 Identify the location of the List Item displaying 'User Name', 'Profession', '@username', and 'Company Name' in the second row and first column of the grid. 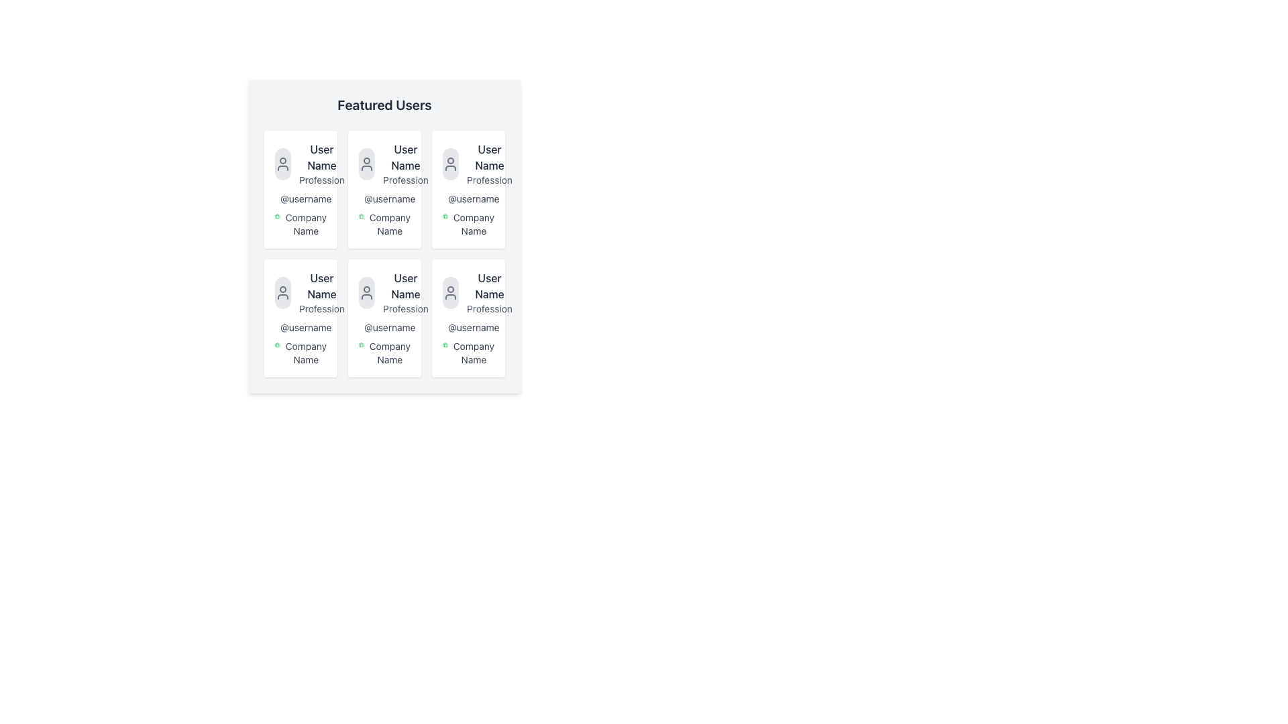
(300, 318).